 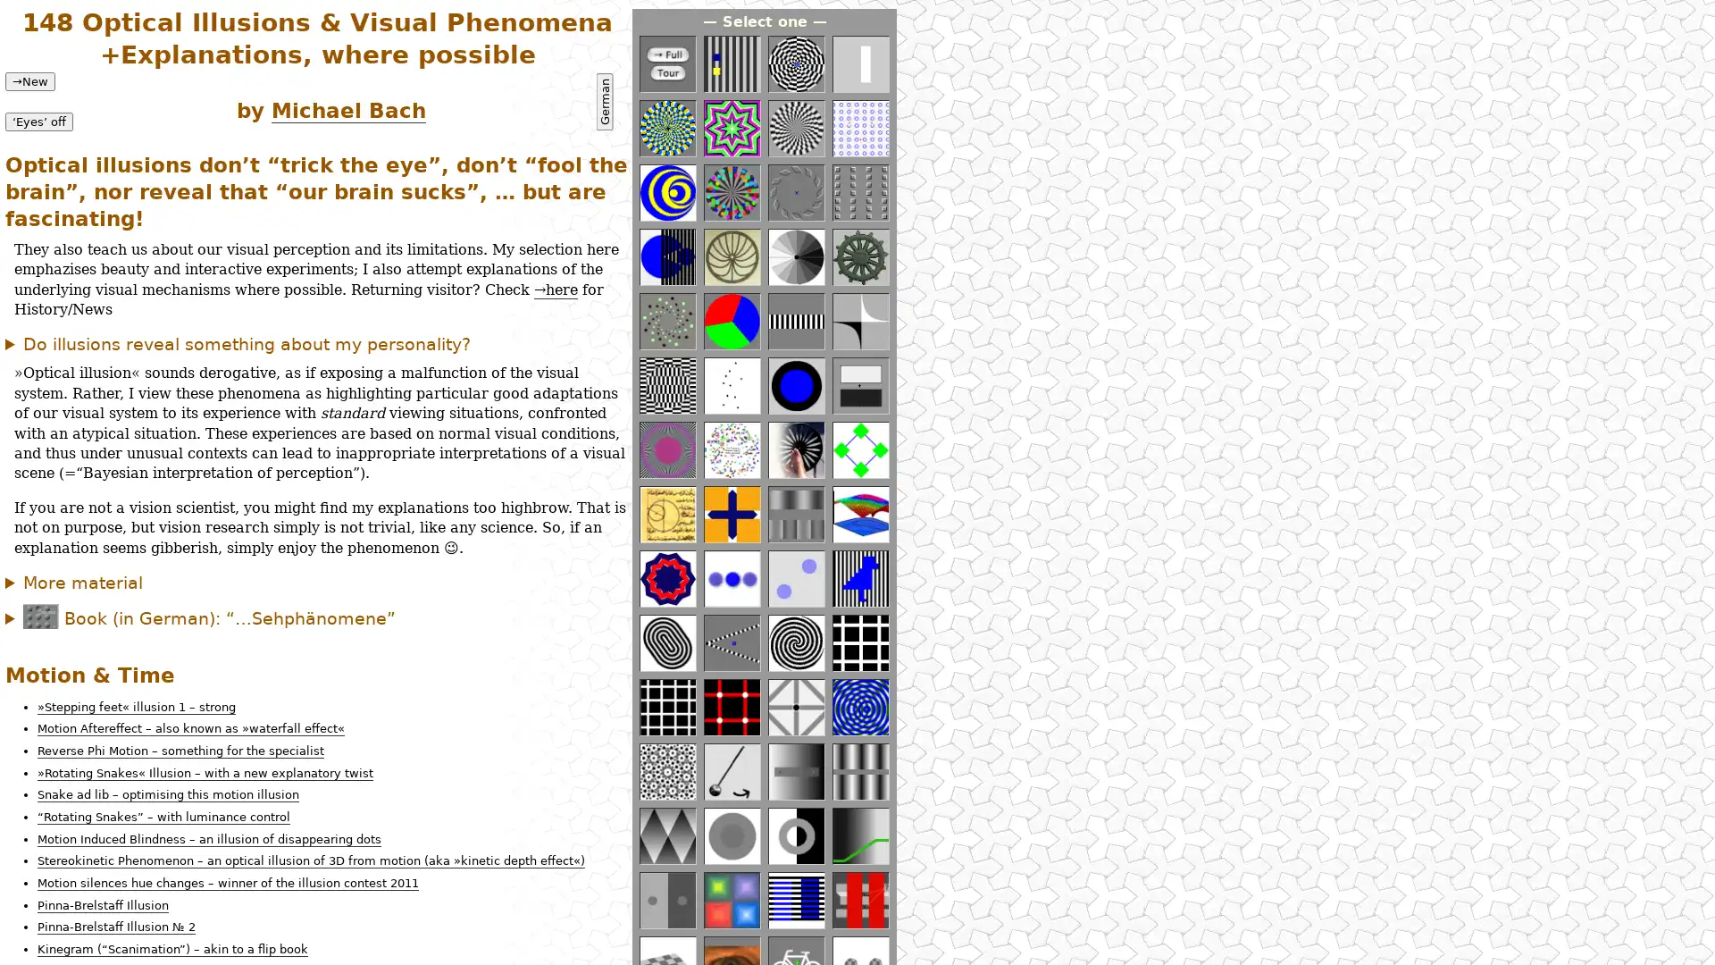 What do you see at coordinates (604, 102) in the screenshot?
I see `German` at bounding box center [604, 102].